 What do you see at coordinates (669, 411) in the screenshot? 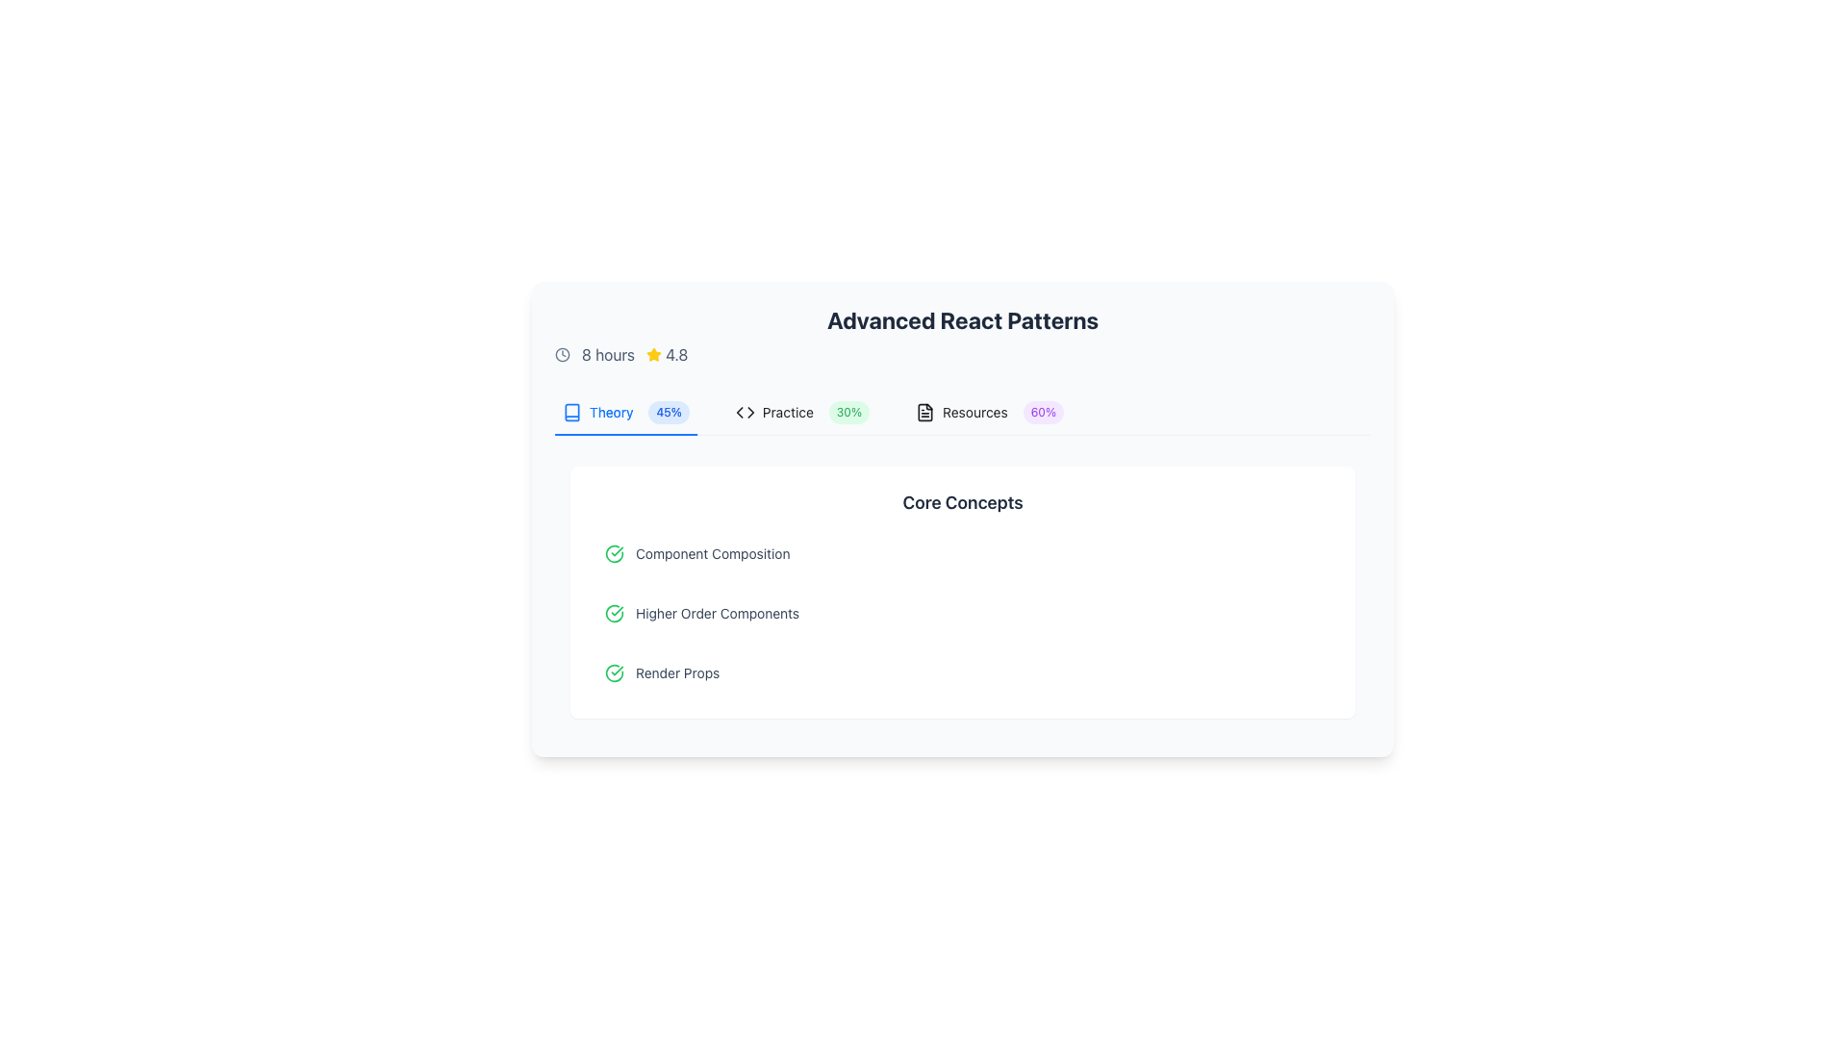
I see `the progress percentage badge located immediately to the right of the 'Theory' text, which visually represents the completion of the 'Theory' section` at bounding box center [669, 411].